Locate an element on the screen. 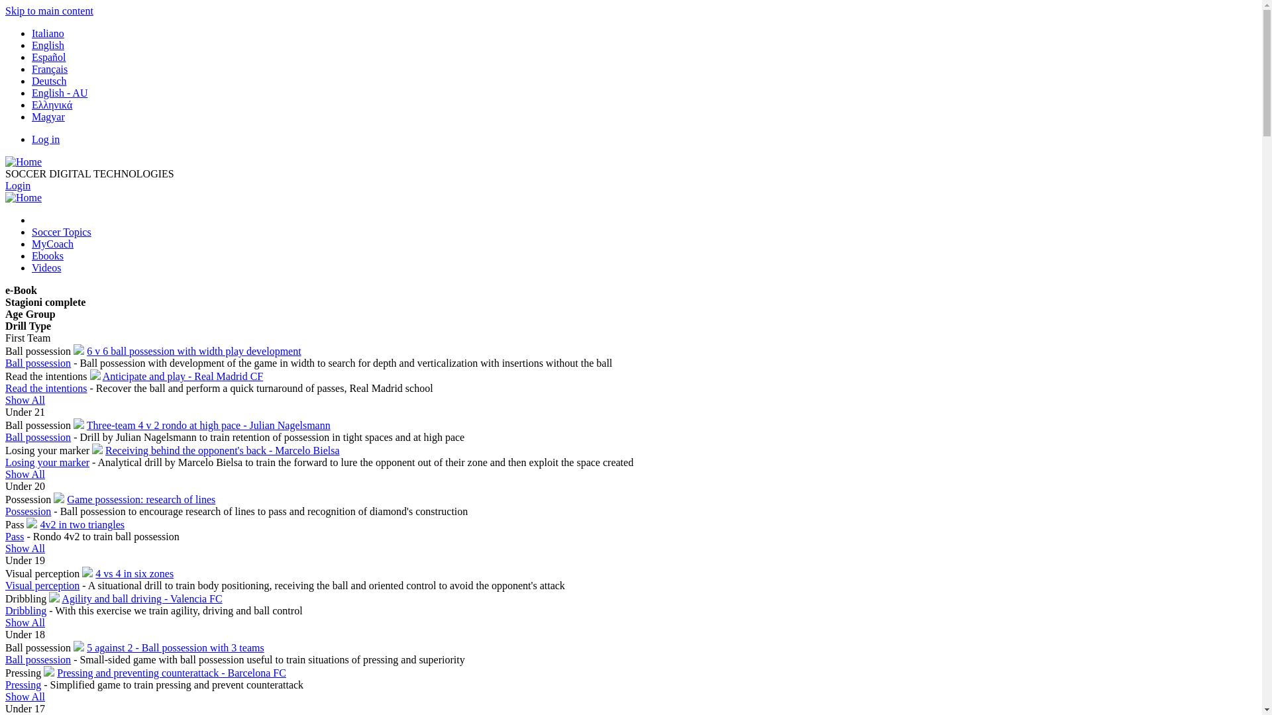  'Dribbling' is located at coordinates (25, 610).